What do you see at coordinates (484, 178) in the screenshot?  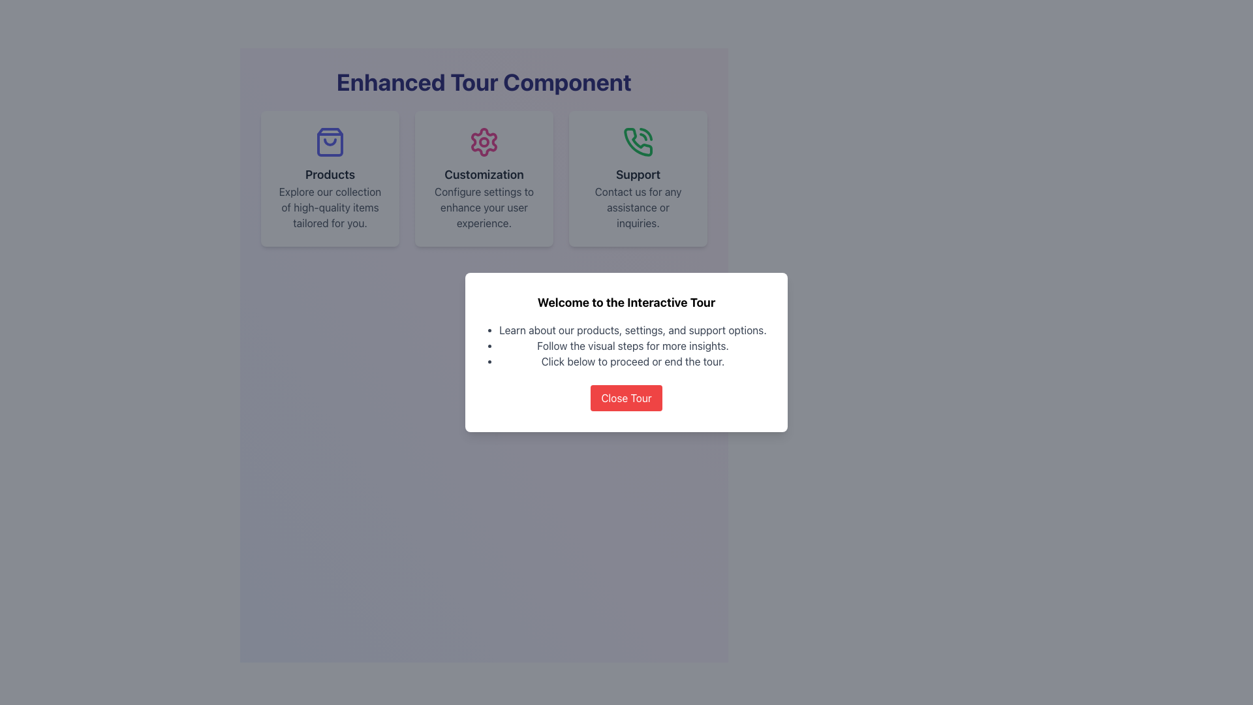 I see `the static informational component titled 'Customization' located in the middle section of a three-column layout, specifically in the second column between 'Products' and 'Support'` at bounding box center [484, 178].